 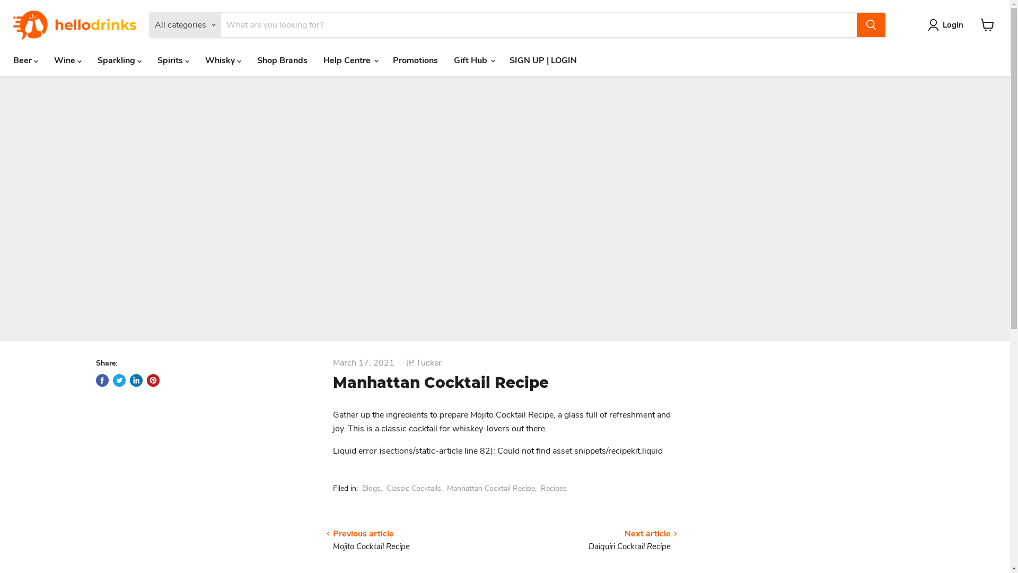 I want to click on 'Shop Brands', so click(x=249, y=60).